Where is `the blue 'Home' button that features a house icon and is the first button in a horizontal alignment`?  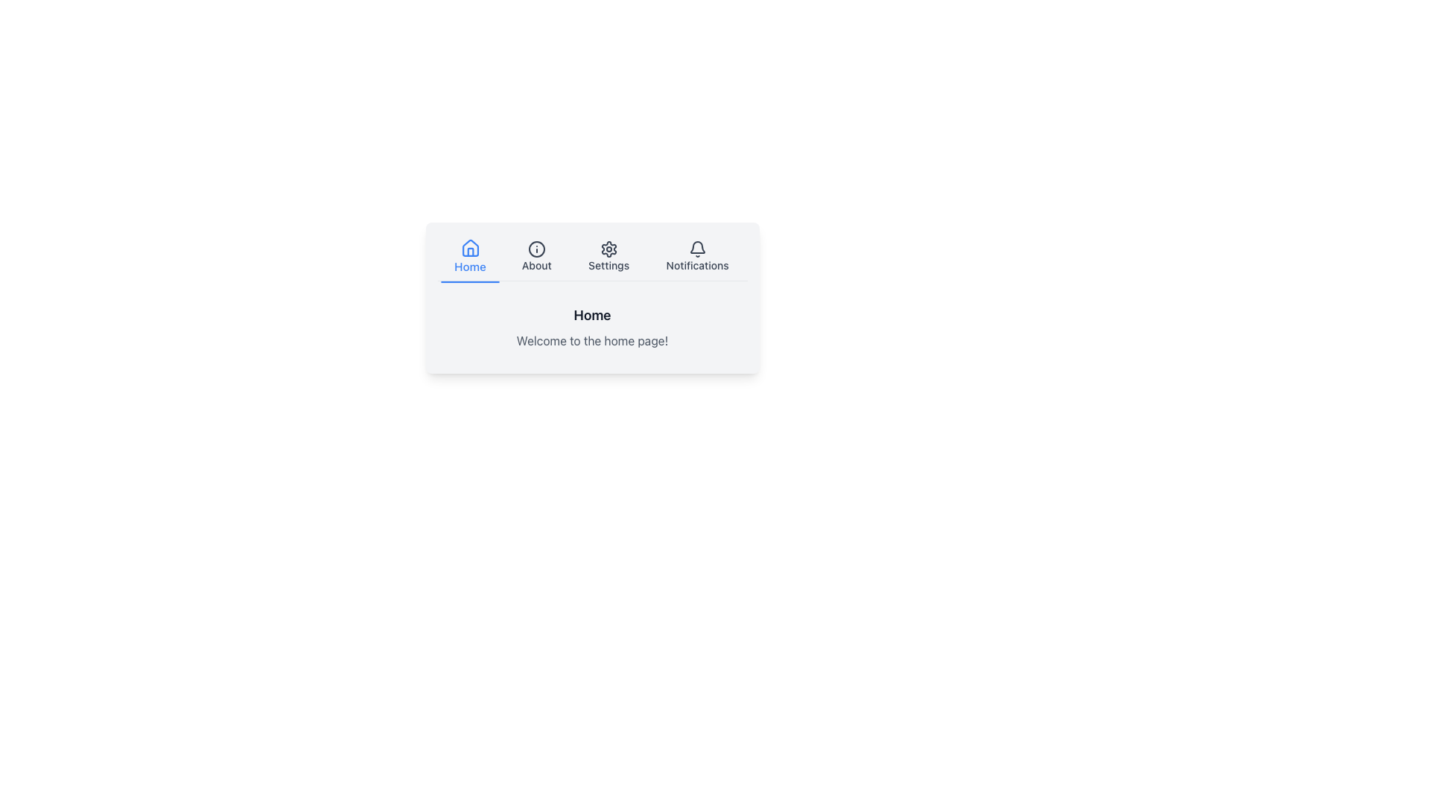
the blue 'Home' button that features a house icon and is the first button in a horizontal alignment is located at coordinates (469, 257).